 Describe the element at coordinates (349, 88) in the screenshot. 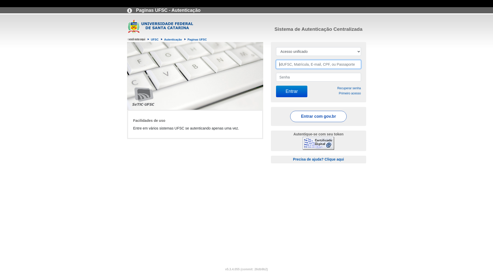

I see `'Recuperar senha'` at that location.